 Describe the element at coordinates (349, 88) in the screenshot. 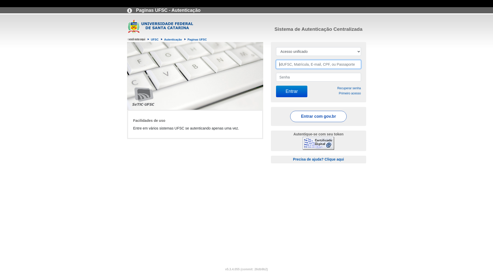

I see `'Recuperar senha'` at that location.